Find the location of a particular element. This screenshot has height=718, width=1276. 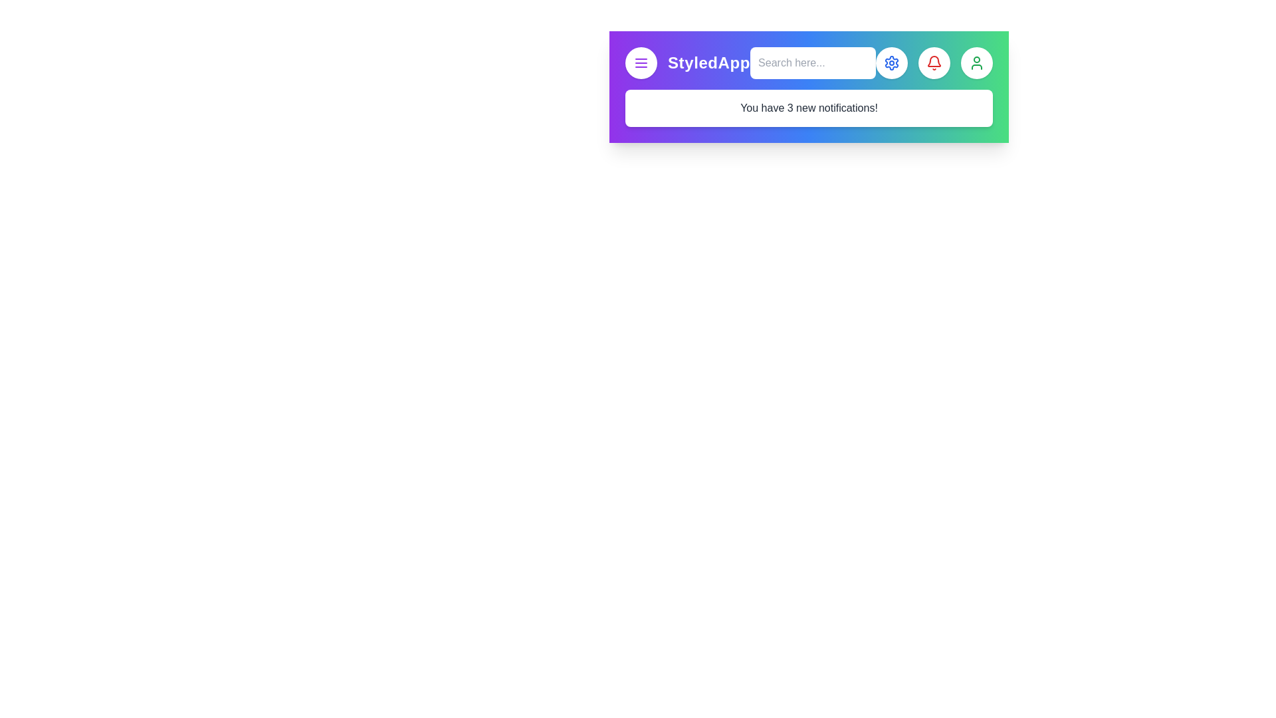

the menu button located in the top left corner of the StyledAppBar is located at coordinates (641, 63).